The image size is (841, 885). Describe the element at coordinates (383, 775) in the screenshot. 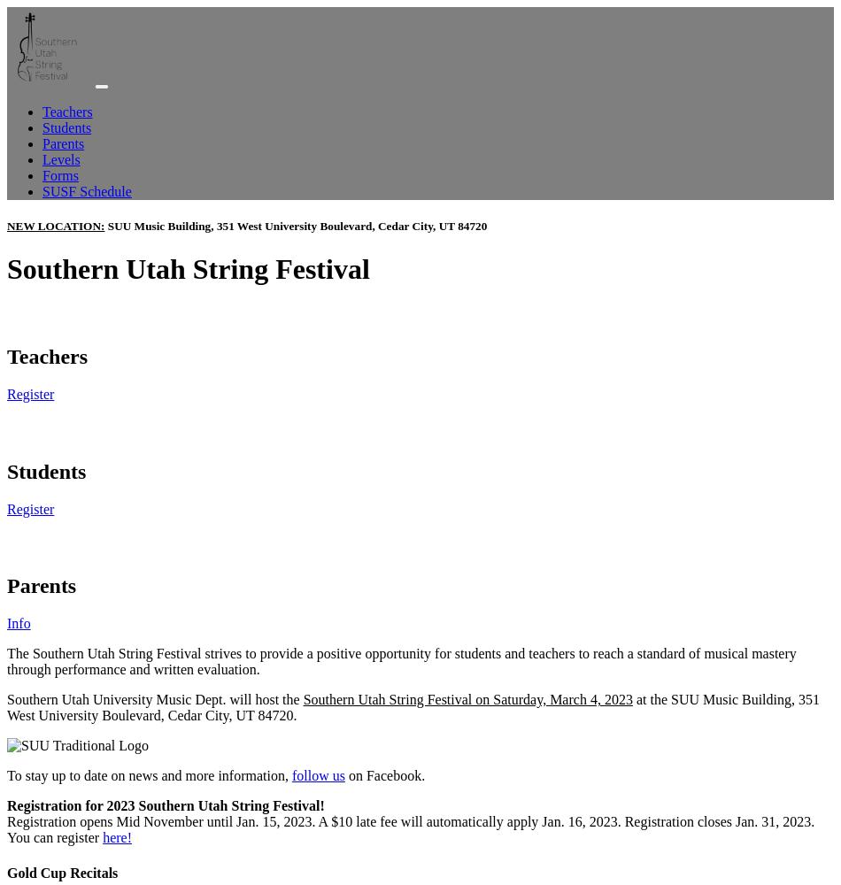

I see `'on Facebook.'` at that location.